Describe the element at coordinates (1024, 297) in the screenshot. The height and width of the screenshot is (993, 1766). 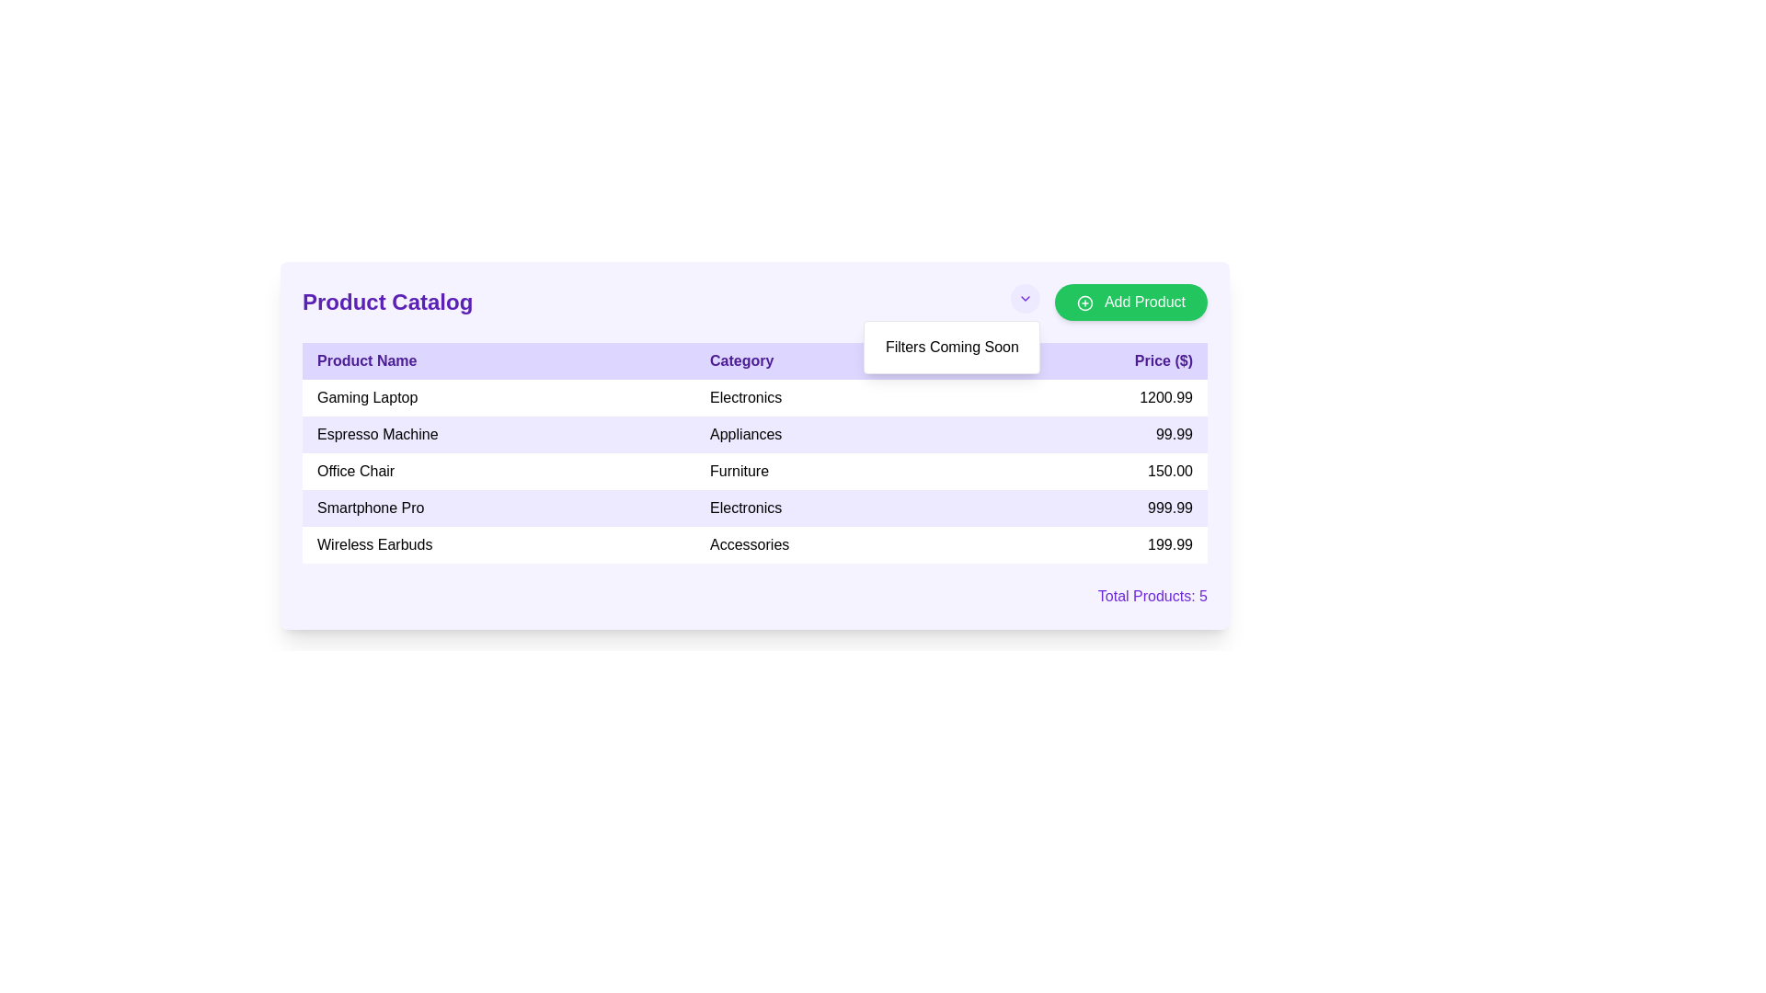
I see `the toggle or dropdown button located` at that location.